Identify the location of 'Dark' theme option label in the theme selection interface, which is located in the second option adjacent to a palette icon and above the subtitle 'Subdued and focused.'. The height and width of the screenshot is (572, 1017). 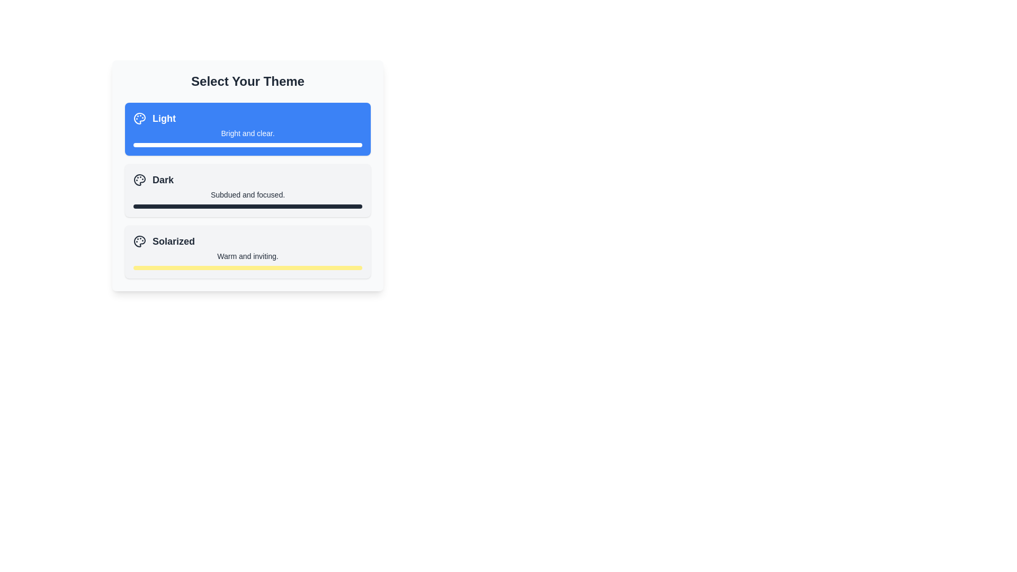
(162, 179).